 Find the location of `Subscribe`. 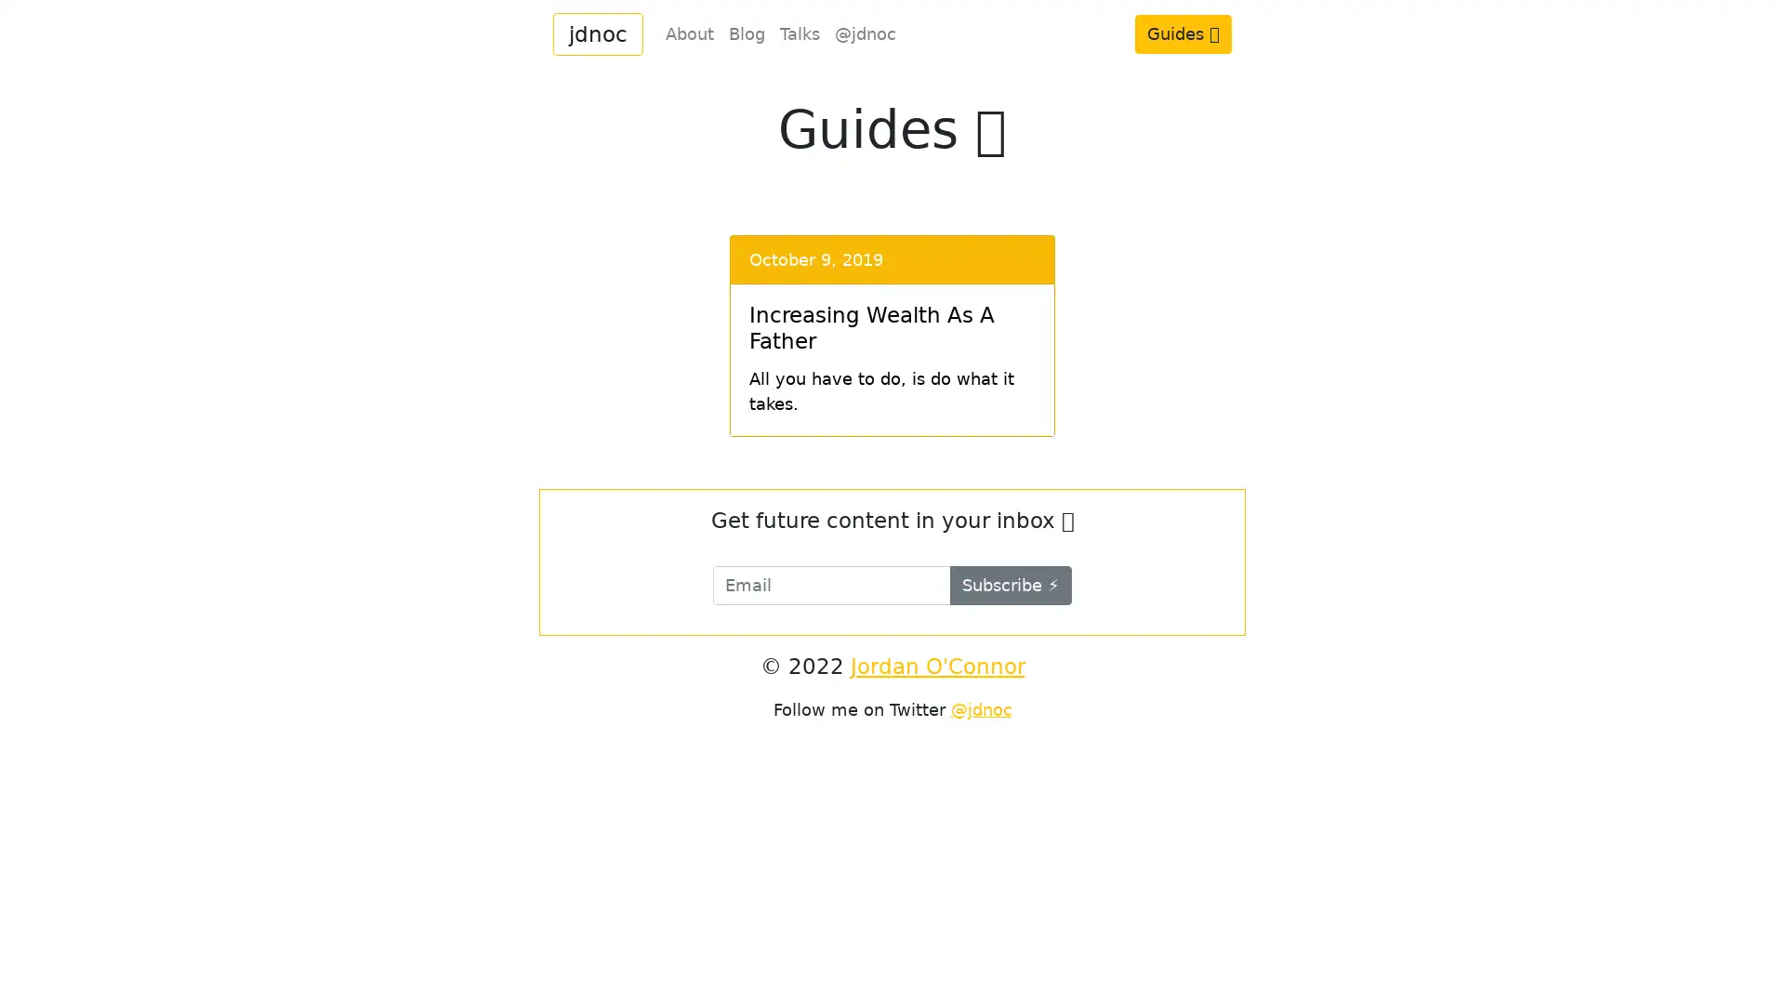

Subscribe is located at coordinates (1010, 584).